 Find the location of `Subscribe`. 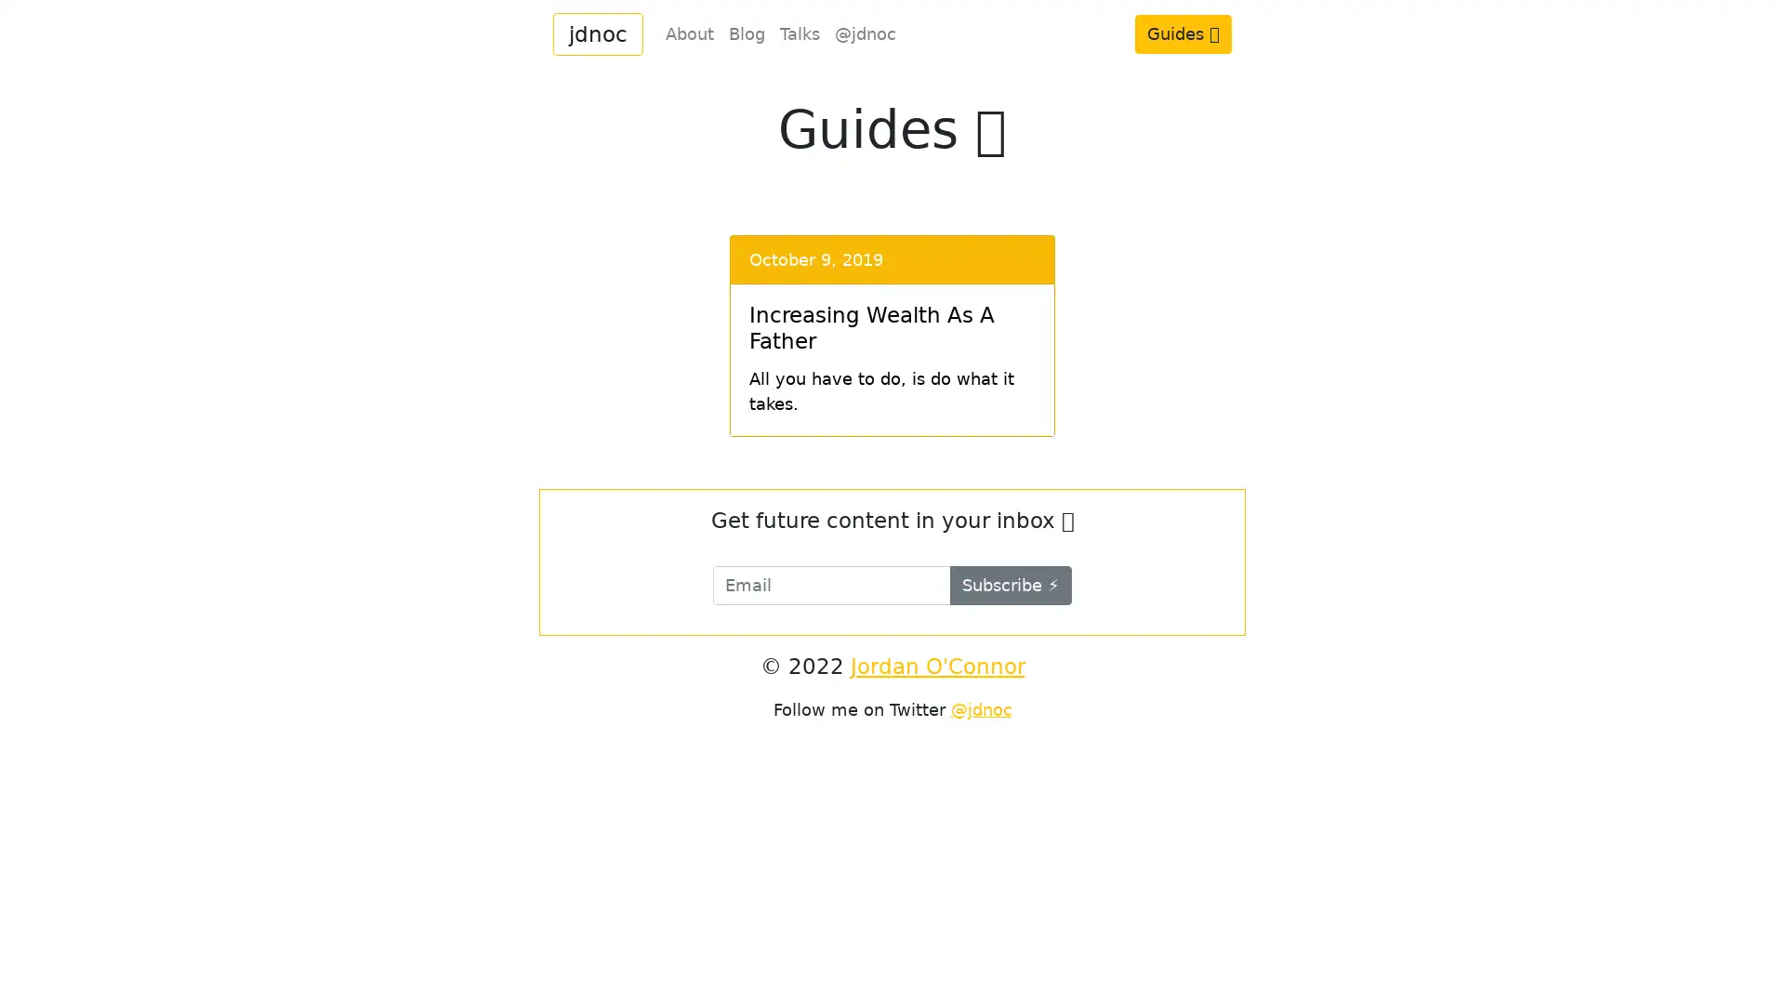

Subscribe is located at coordinates (1010, 584).